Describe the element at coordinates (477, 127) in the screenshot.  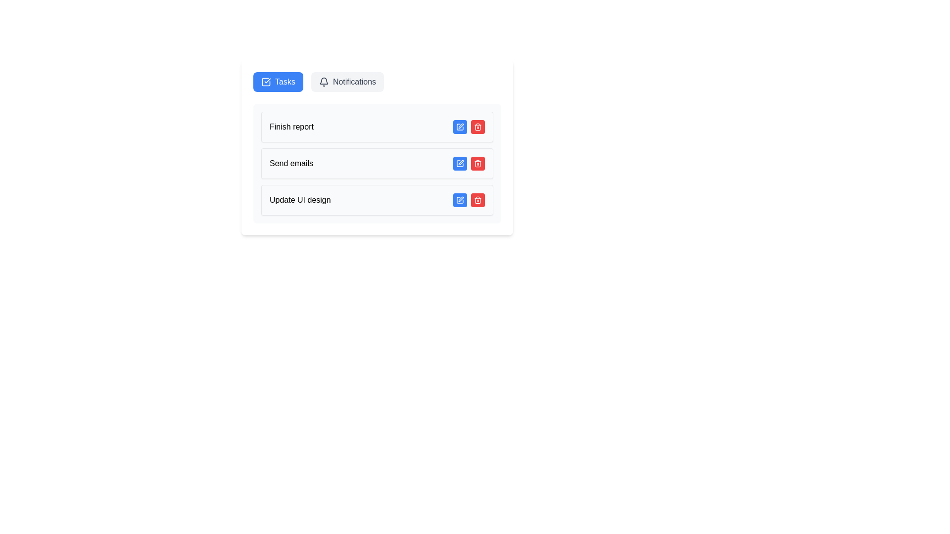
I see `the delete button icon located to the right of the 'Finish report' task` at that location.